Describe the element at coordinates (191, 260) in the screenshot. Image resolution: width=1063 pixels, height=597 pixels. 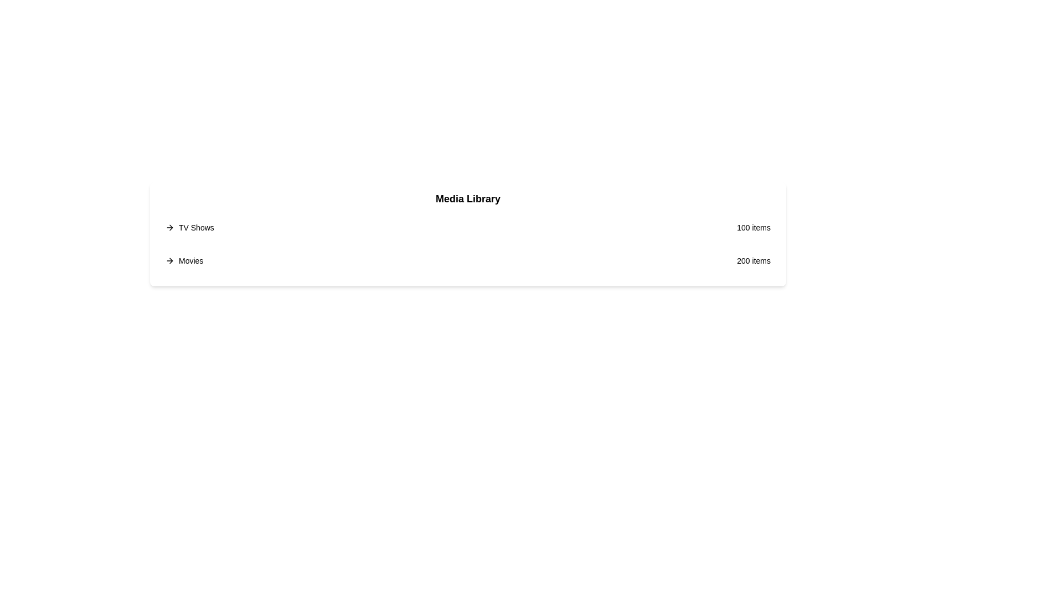
I see `the 'Movies' text label, which is styled in black text on a white background and is the second item in a vertically stacked list` at that location.